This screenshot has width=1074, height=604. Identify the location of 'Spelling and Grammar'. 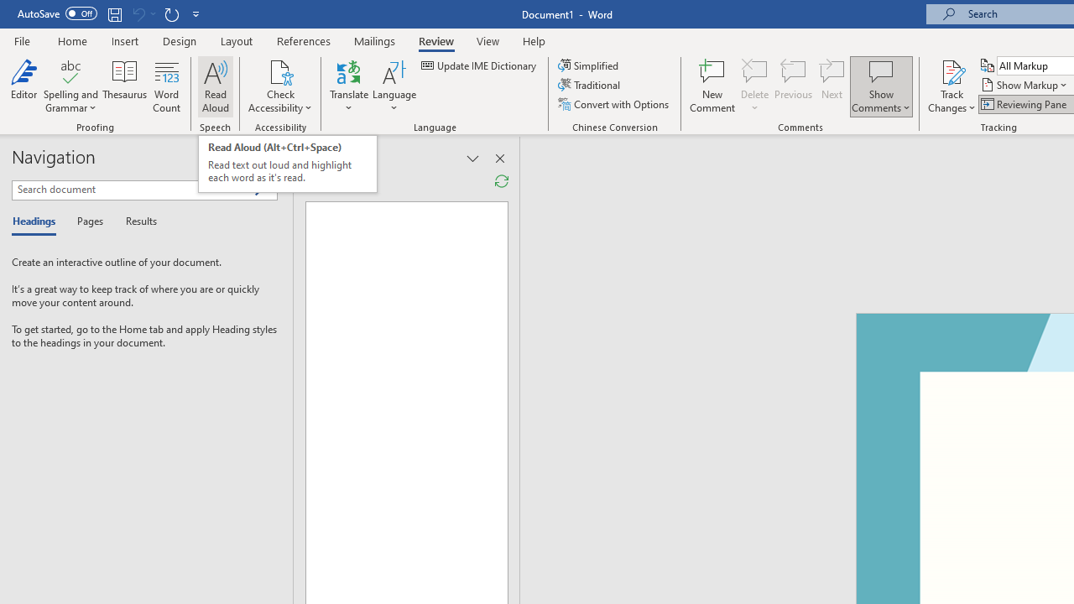
(70, 70).